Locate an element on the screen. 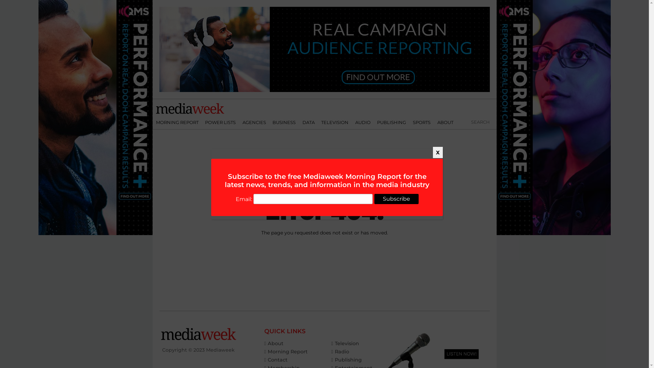 Image resolution: width=654 pixels, height=368 pixels. 'Contact' is located at coordinates (264, 359).